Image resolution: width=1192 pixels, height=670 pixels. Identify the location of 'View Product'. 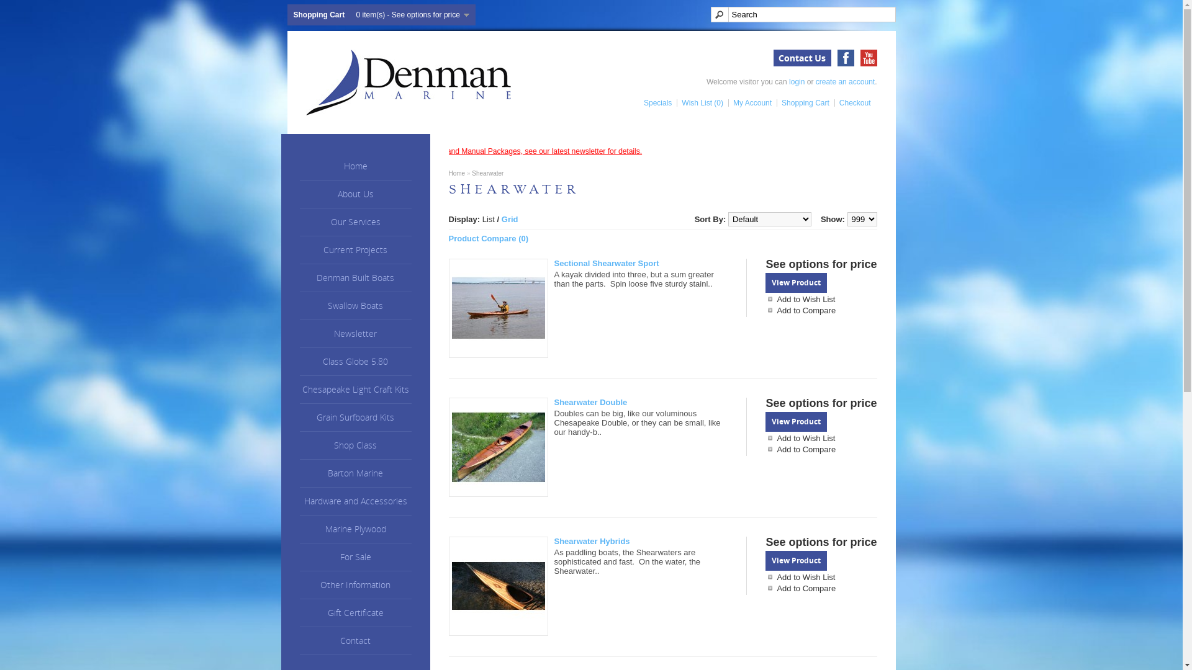
(796, 560).